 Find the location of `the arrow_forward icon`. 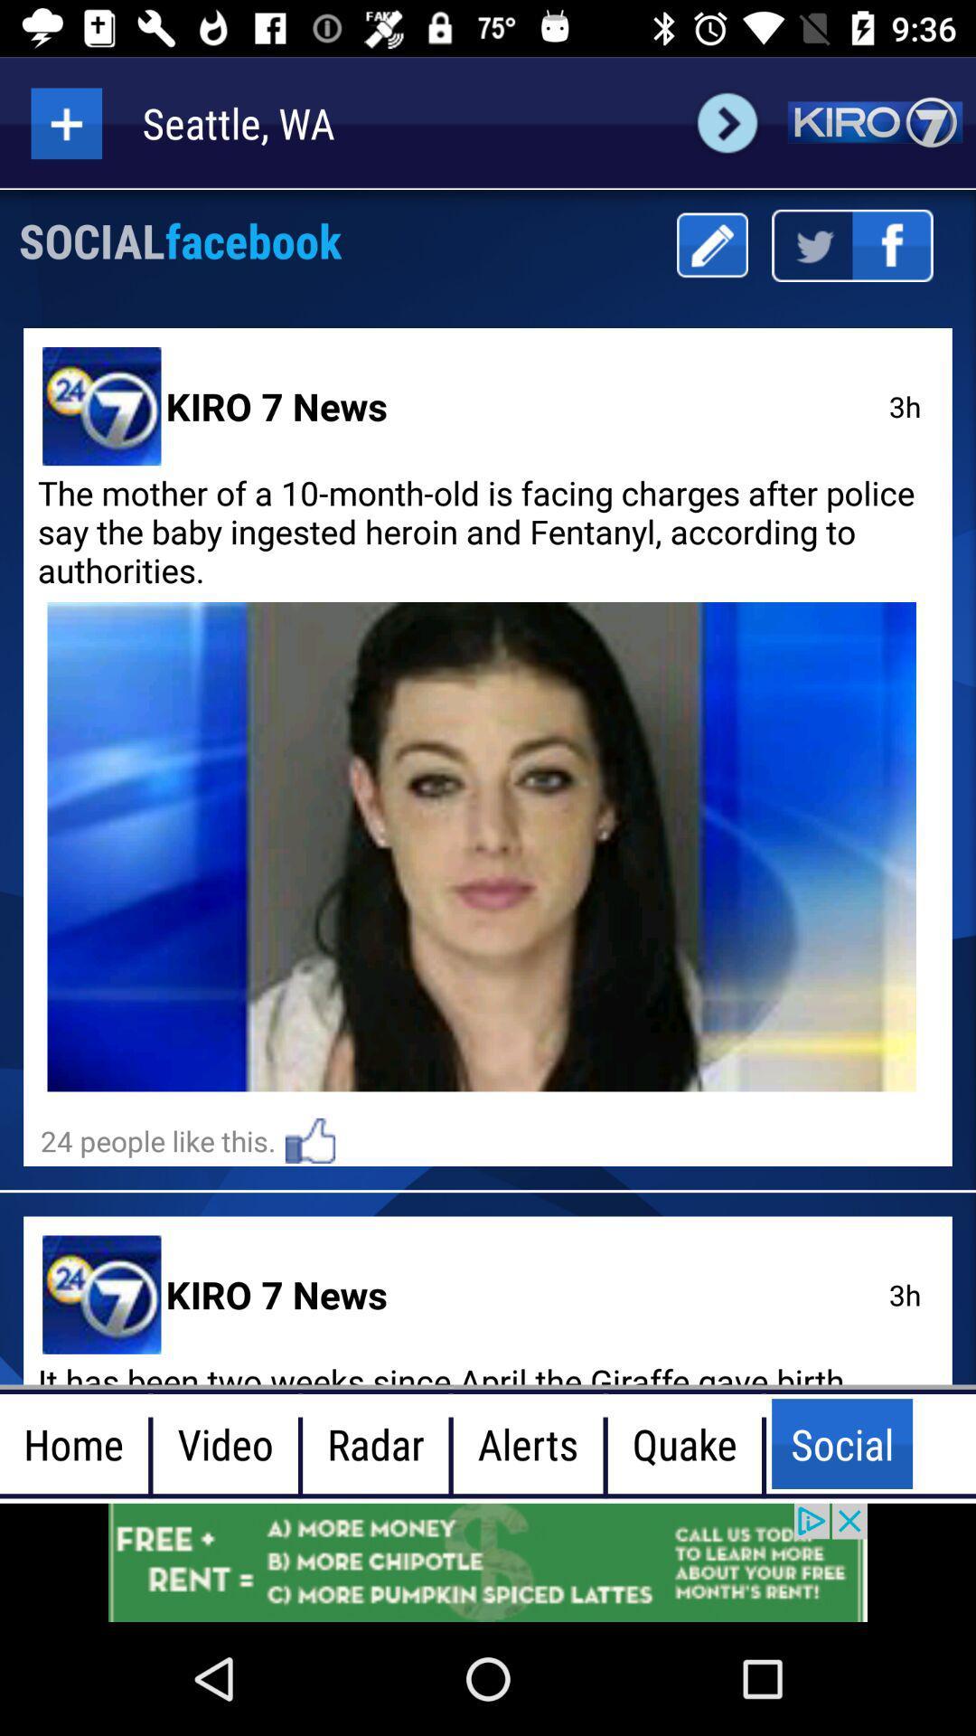

the arrow_forward icon is located at coordinates (727, 122).